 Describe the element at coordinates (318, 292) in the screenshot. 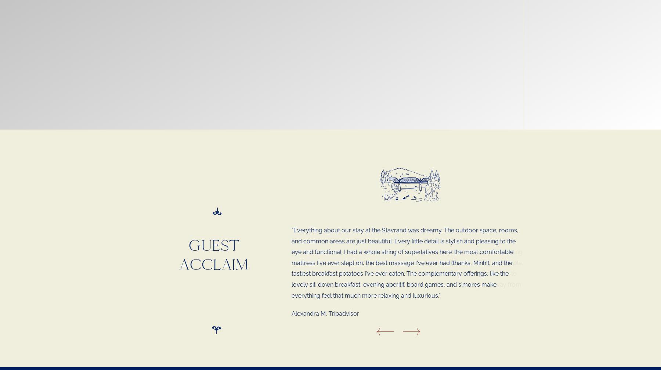

I see `'Carly G, Tripadvisor'` at that location.